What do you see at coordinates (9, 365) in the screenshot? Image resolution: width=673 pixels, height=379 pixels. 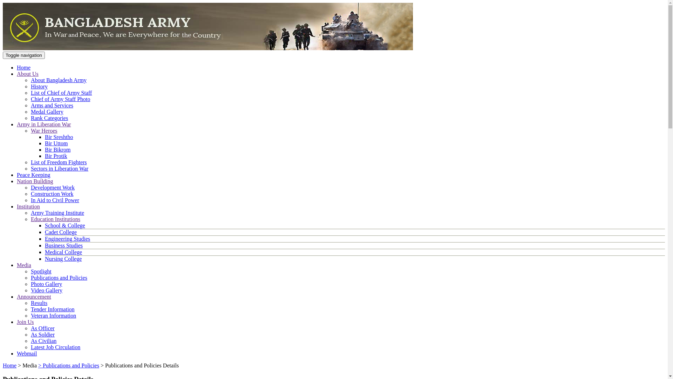 I see `'Home'` at bounding box center [9, 365].